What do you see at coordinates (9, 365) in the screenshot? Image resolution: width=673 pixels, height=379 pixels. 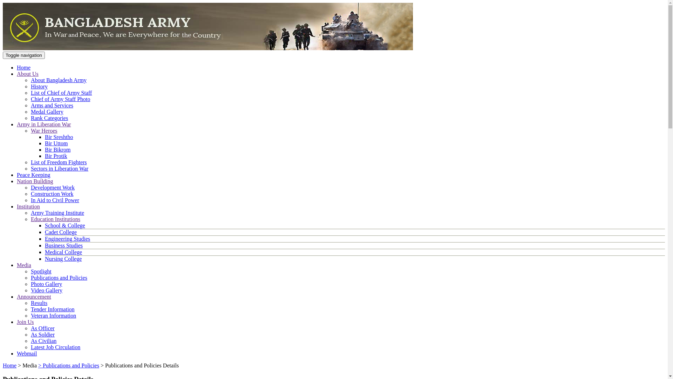 I see `'Home'` at bounding box center [9, 365].